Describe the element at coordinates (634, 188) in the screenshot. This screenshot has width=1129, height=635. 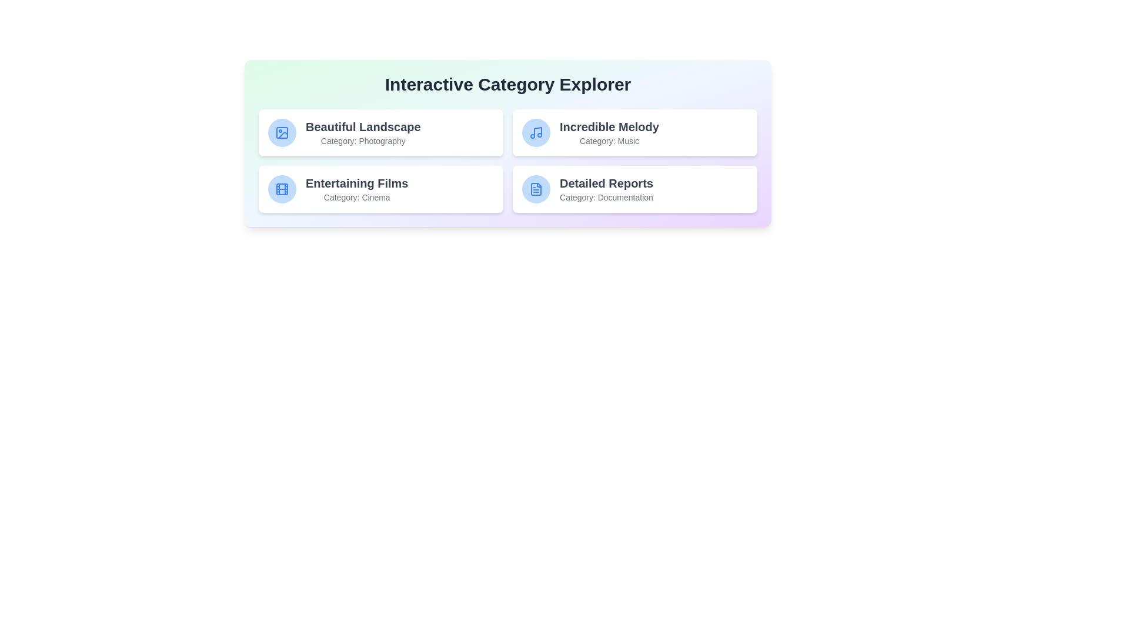
I see `the card with the title Detailed Reports` at that location.